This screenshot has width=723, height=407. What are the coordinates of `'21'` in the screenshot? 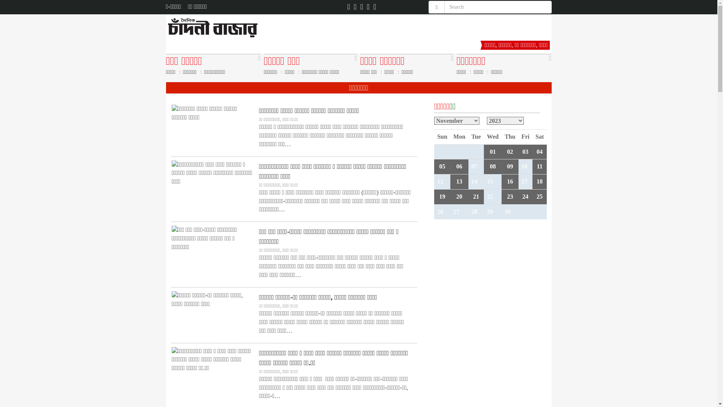 It's located at (475, 196).